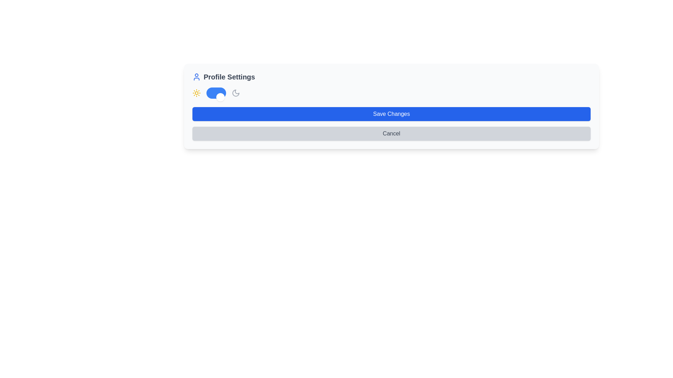  I want to click on the dark mode toggle icon located to the right of the toggle switch in the 'Profile Settings' section, so click(236, 93).